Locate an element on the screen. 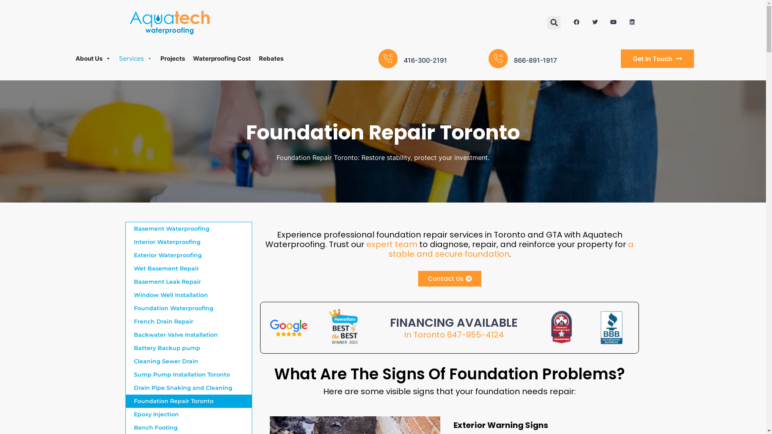 The height and width of the screenshot is (434, 772). 'Drain Pipe Snaking and Cleaning' is located at coordinates (188, 387).